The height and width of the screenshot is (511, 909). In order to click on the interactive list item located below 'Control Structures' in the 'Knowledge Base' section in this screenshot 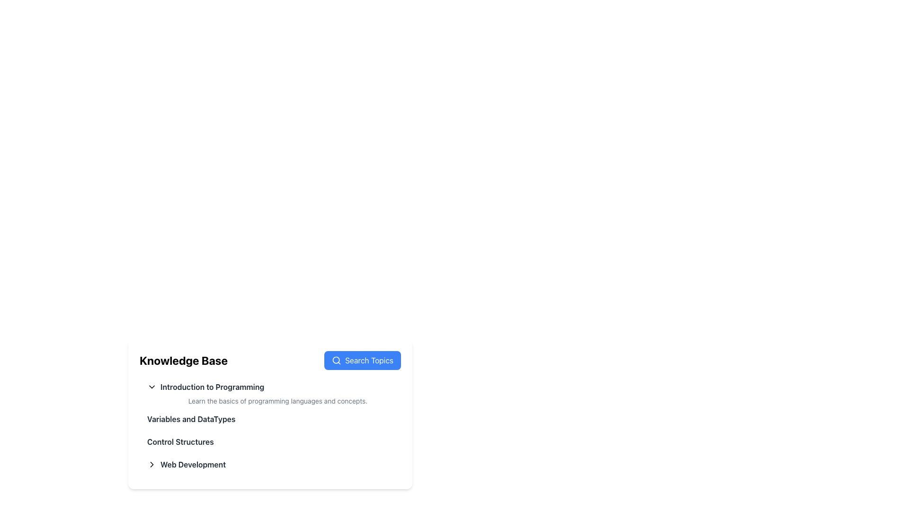, I will do `click(187, 464)`.